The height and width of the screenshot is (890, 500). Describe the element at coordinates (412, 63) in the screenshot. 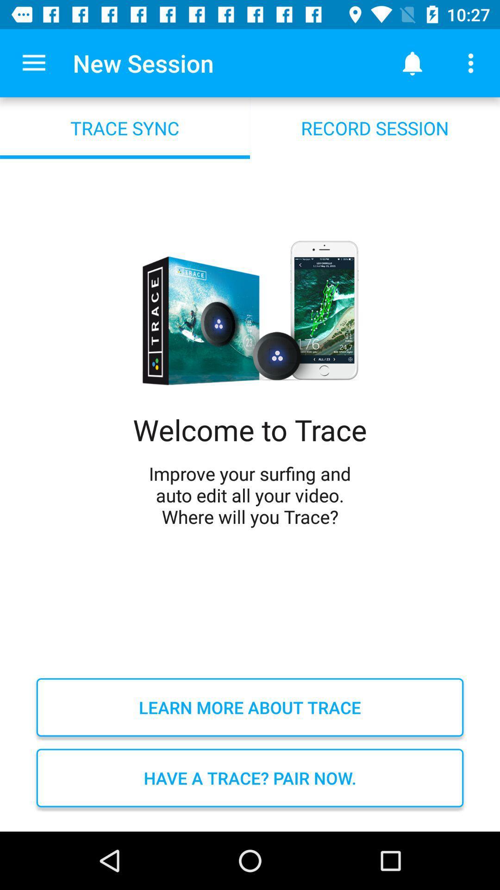

I see `the icon next to the new session item` at that location.